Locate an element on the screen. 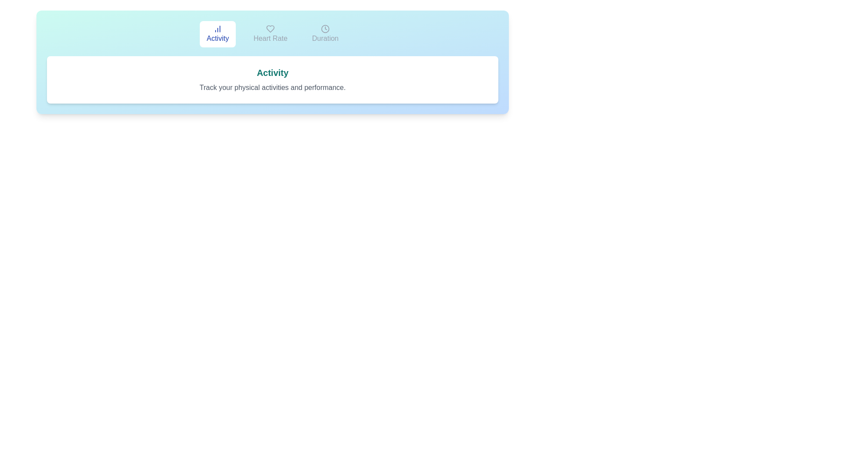  the Duration tab by clicking on it is located at coordinates (324, 33).